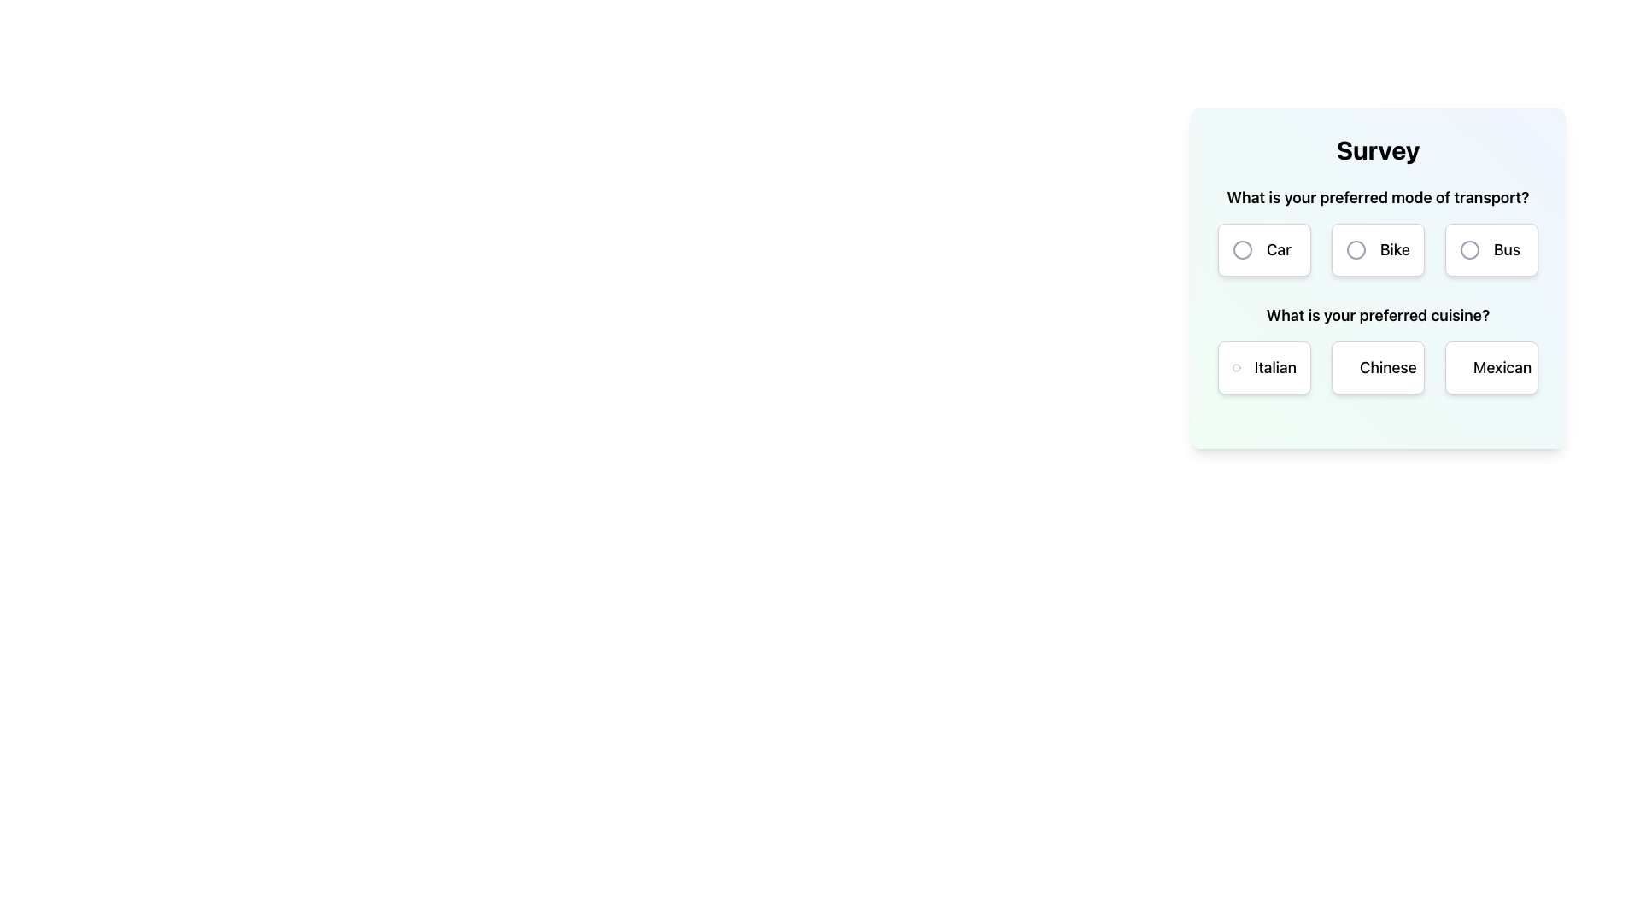  What do you see at coordinates (1264, 367) in the screenshot?
I see `the unselected radio button labeled 'Italian'` at bounding box center [1264, 367].